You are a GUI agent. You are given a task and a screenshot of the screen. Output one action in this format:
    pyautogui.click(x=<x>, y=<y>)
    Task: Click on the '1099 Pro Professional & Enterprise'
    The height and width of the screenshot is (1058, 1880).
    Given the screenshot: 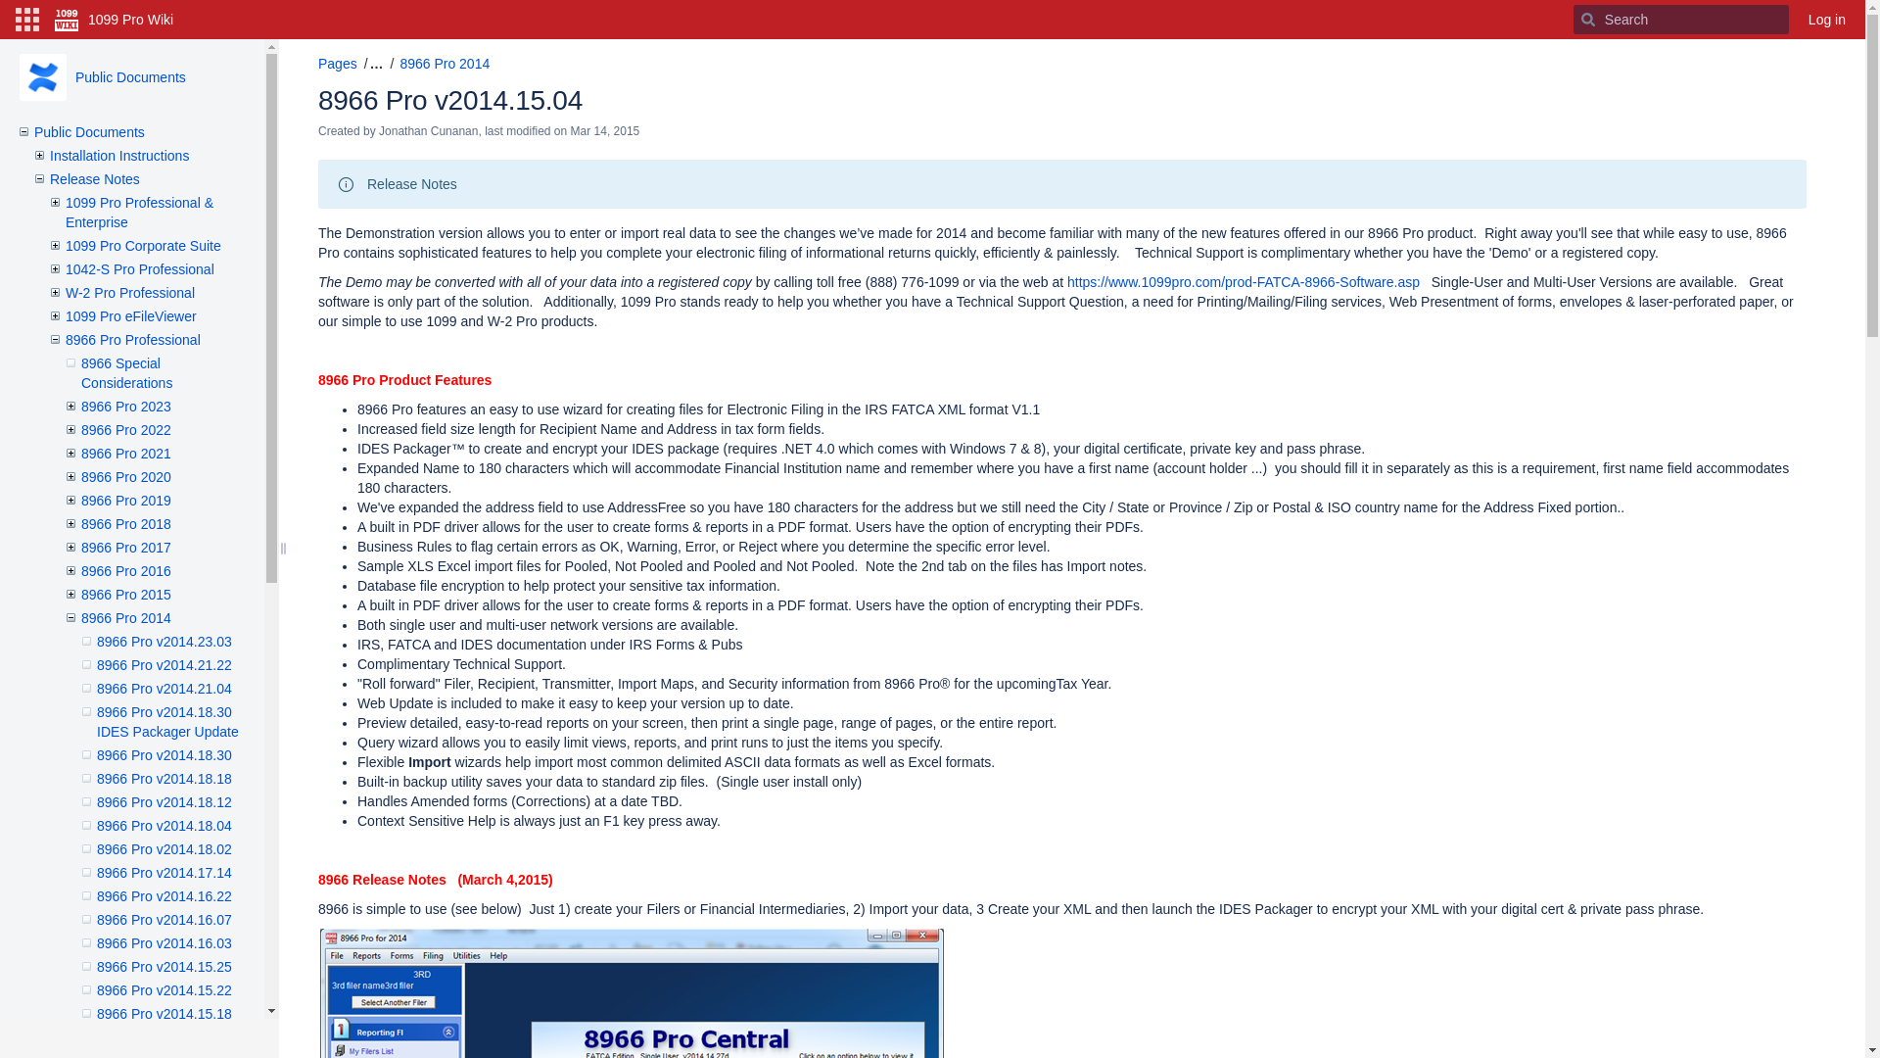 What is the action you would take?
    pyautogui.click(x=138, y=212)
    